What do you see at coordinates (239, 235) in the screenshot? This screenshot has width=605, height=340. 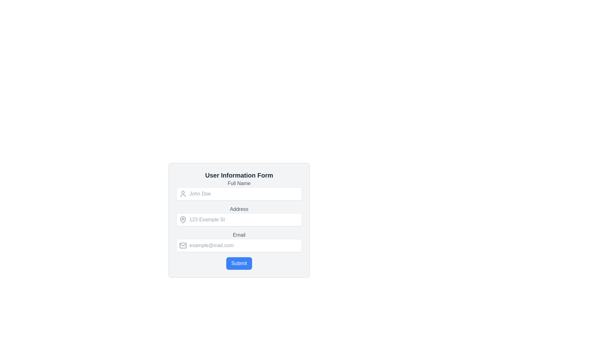 I see `the 'Email' label text element positioned above the email input field` at bounding box center [239, 235].